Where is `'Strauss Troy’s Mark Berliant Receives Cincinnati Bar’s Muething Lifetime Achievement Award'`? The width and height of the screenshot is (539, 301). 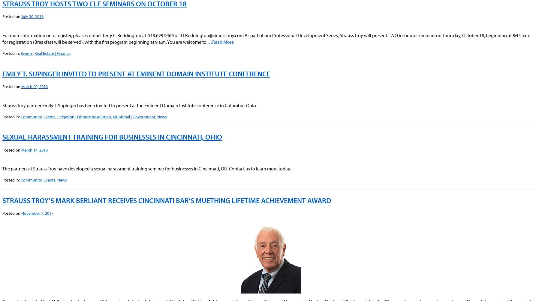
'Strauss Troy’s Mark Berliant Receives Cincinnati Bar’s Muething Lifetime Achievement Award' is located at coordinates (166, 200).